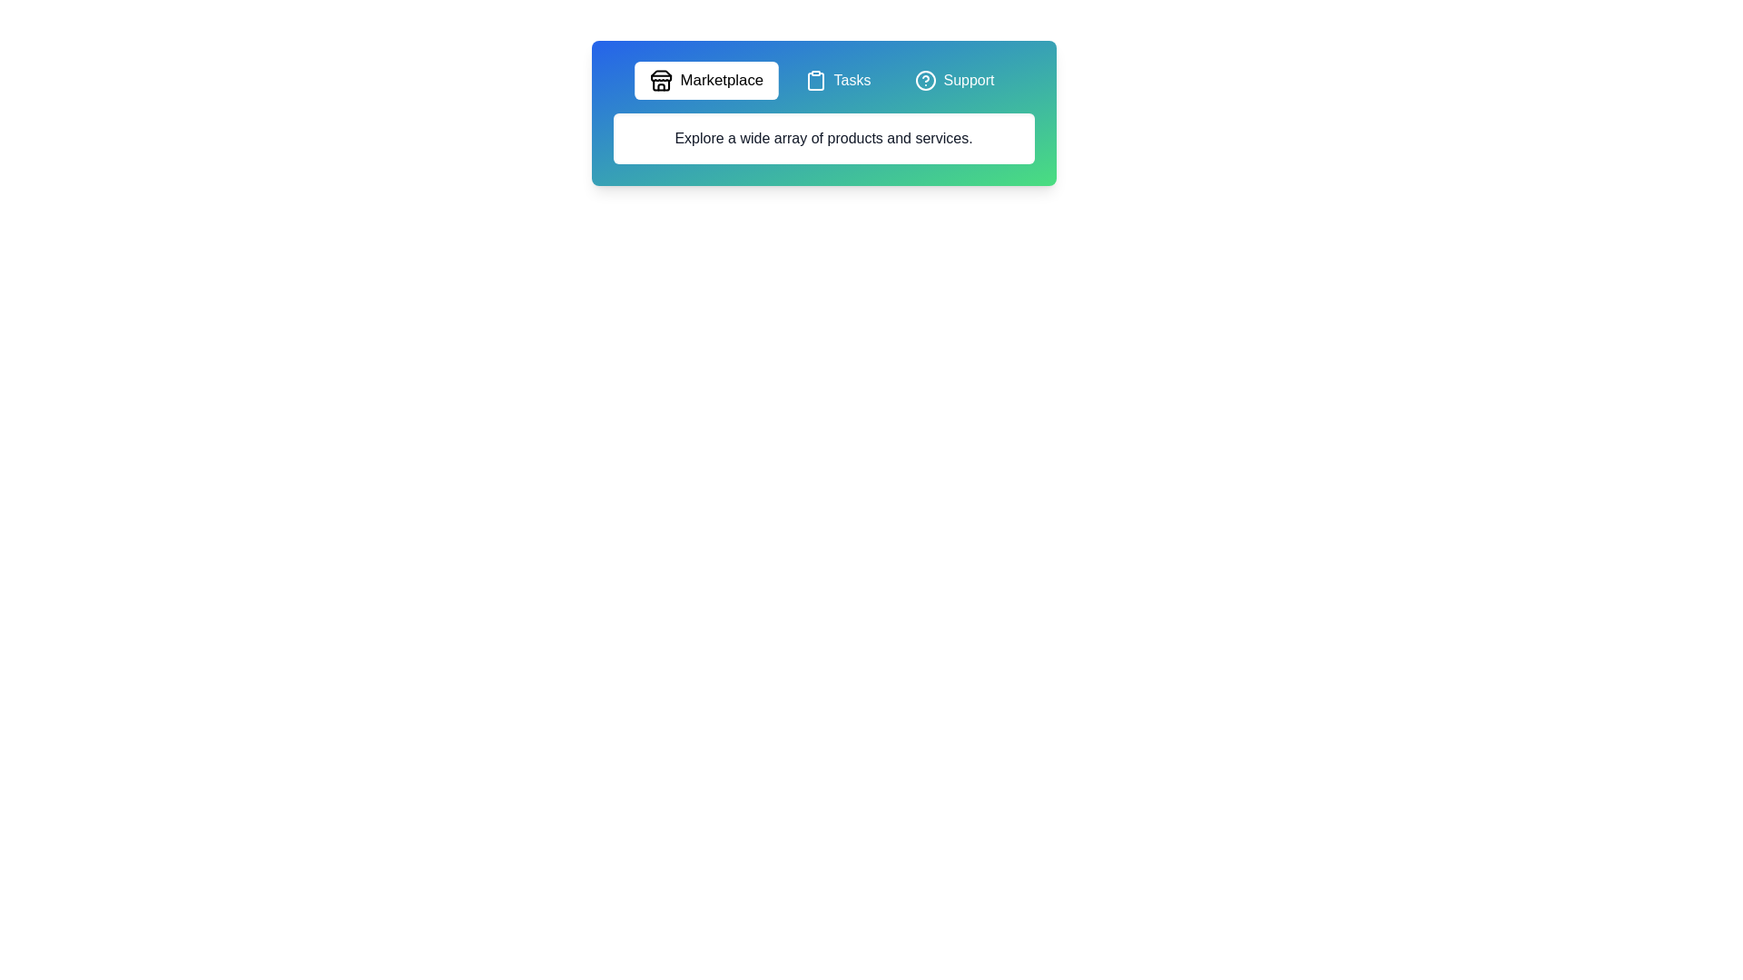 This screenshot has height=980, width=1743. I want to click on the tab labeled Marketplace, so click(705, 79).